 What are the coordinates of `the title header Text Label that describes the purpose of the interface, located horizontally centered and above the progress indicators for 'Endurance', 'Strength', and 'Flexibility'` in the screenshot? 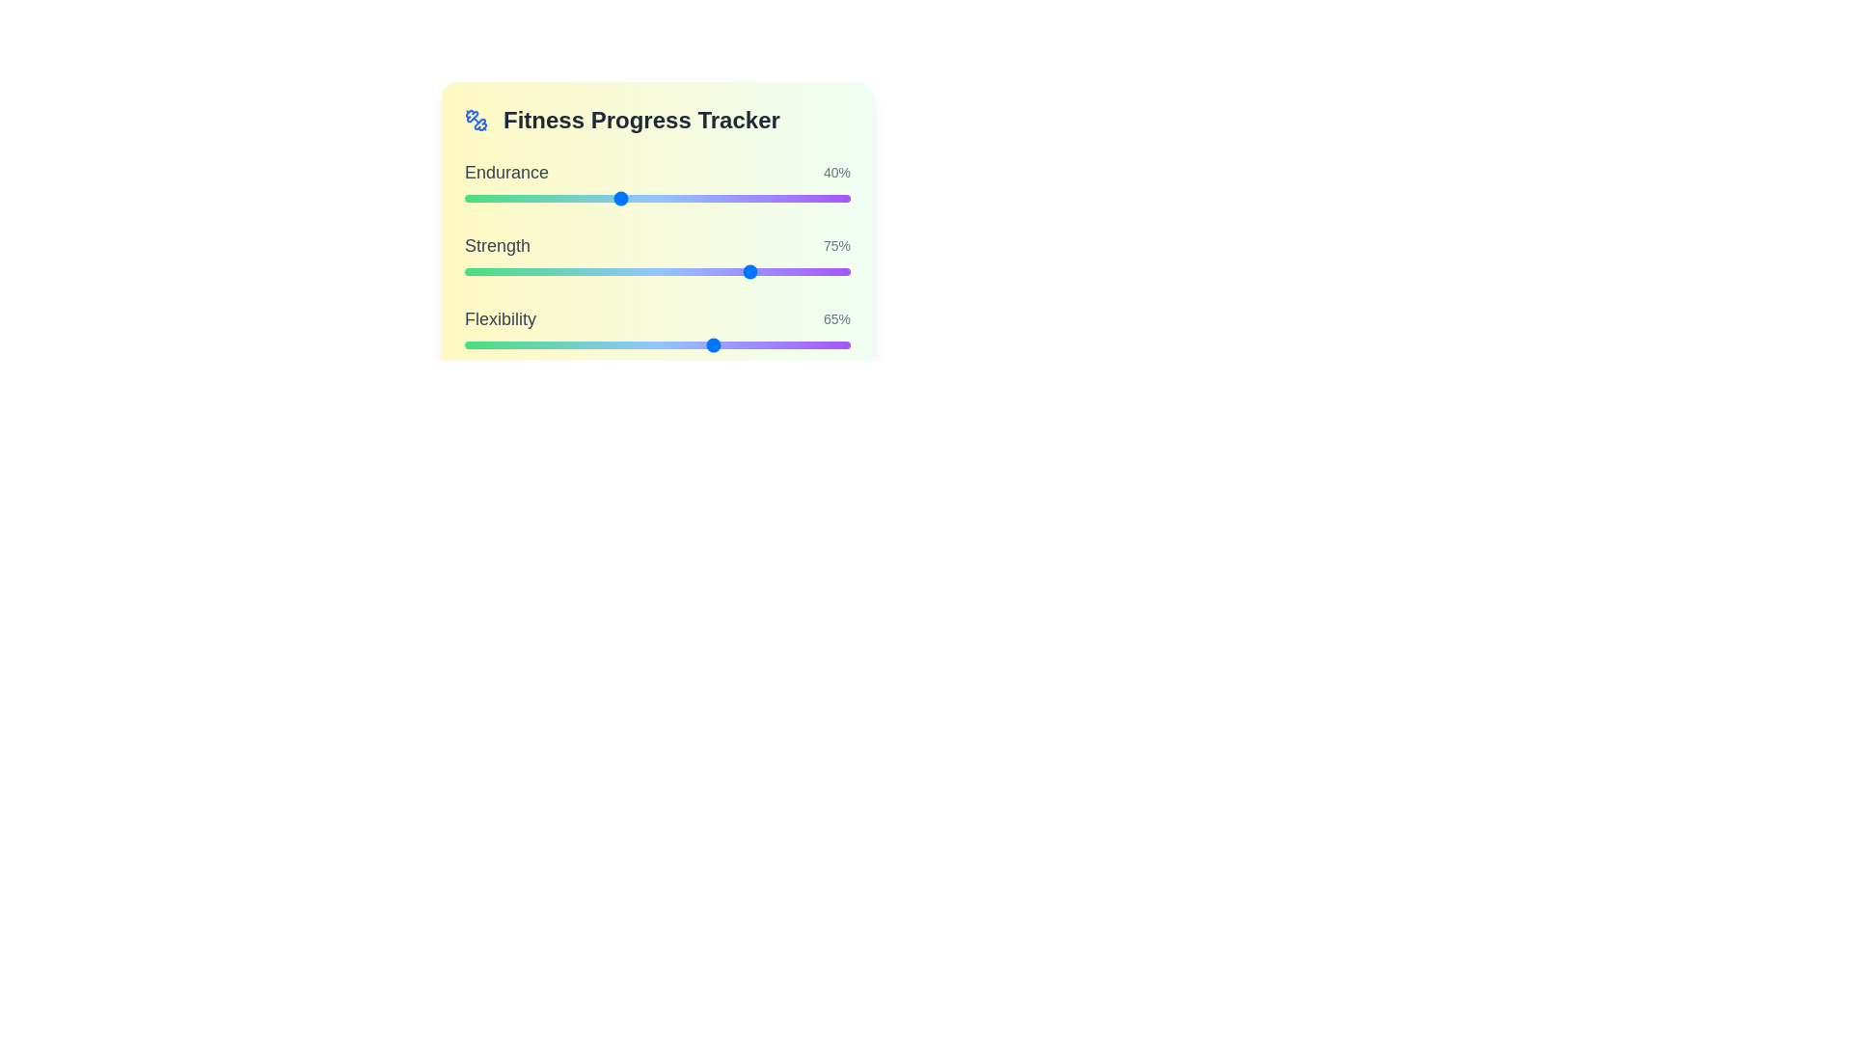 It's located at (641, 120).